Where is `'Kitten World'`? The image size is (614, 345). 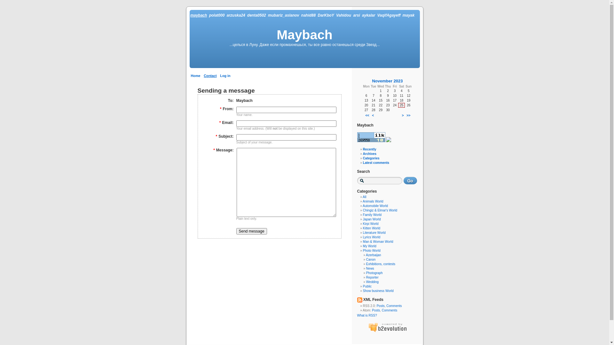 'Kitten World' is located at coordinates (371, 228).